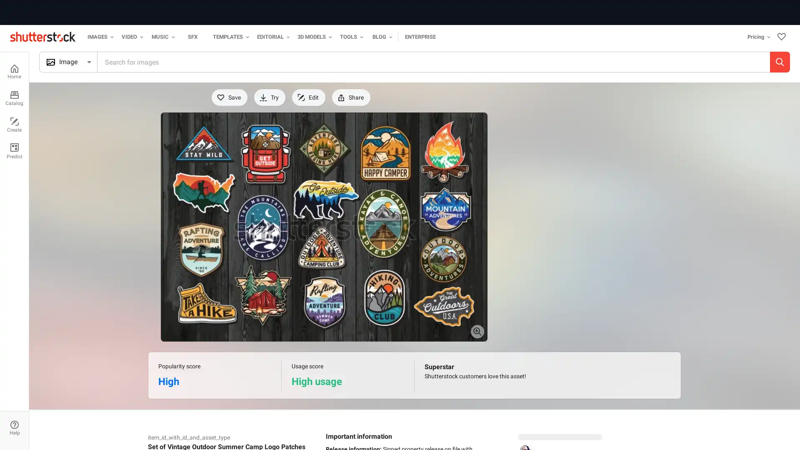 The image size is (800, 450). I want to click on Search, so click(780, 62).